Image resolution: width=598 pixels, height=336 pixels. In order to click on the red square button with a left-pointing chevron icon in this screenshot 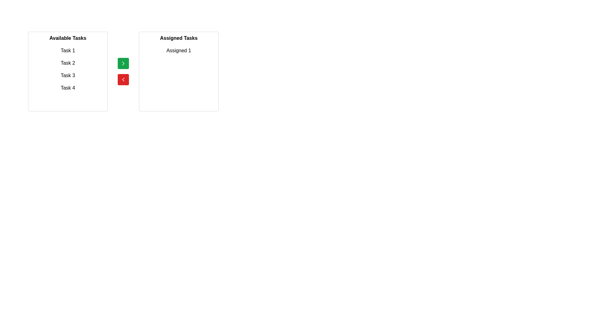, I will do `click(123, 79)`.